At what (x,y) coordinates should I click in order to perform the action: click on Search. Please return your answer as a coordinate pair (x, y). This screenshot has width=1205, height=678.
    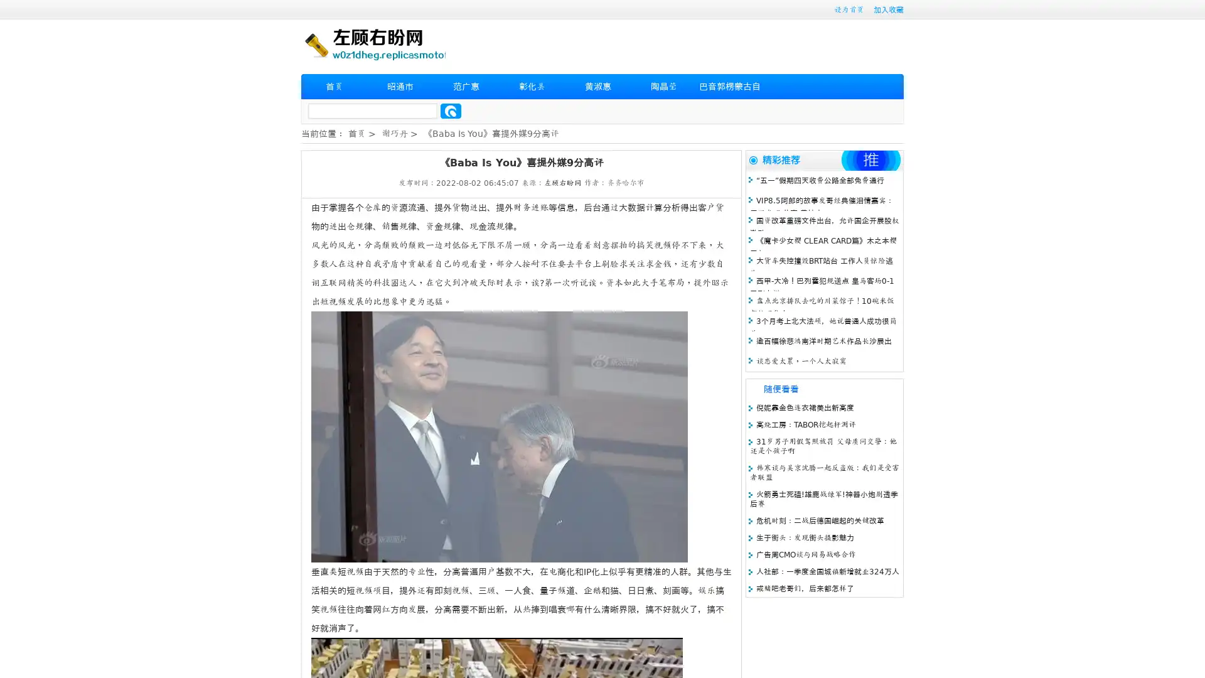
    Looking at the image, I should click on (451, 110).